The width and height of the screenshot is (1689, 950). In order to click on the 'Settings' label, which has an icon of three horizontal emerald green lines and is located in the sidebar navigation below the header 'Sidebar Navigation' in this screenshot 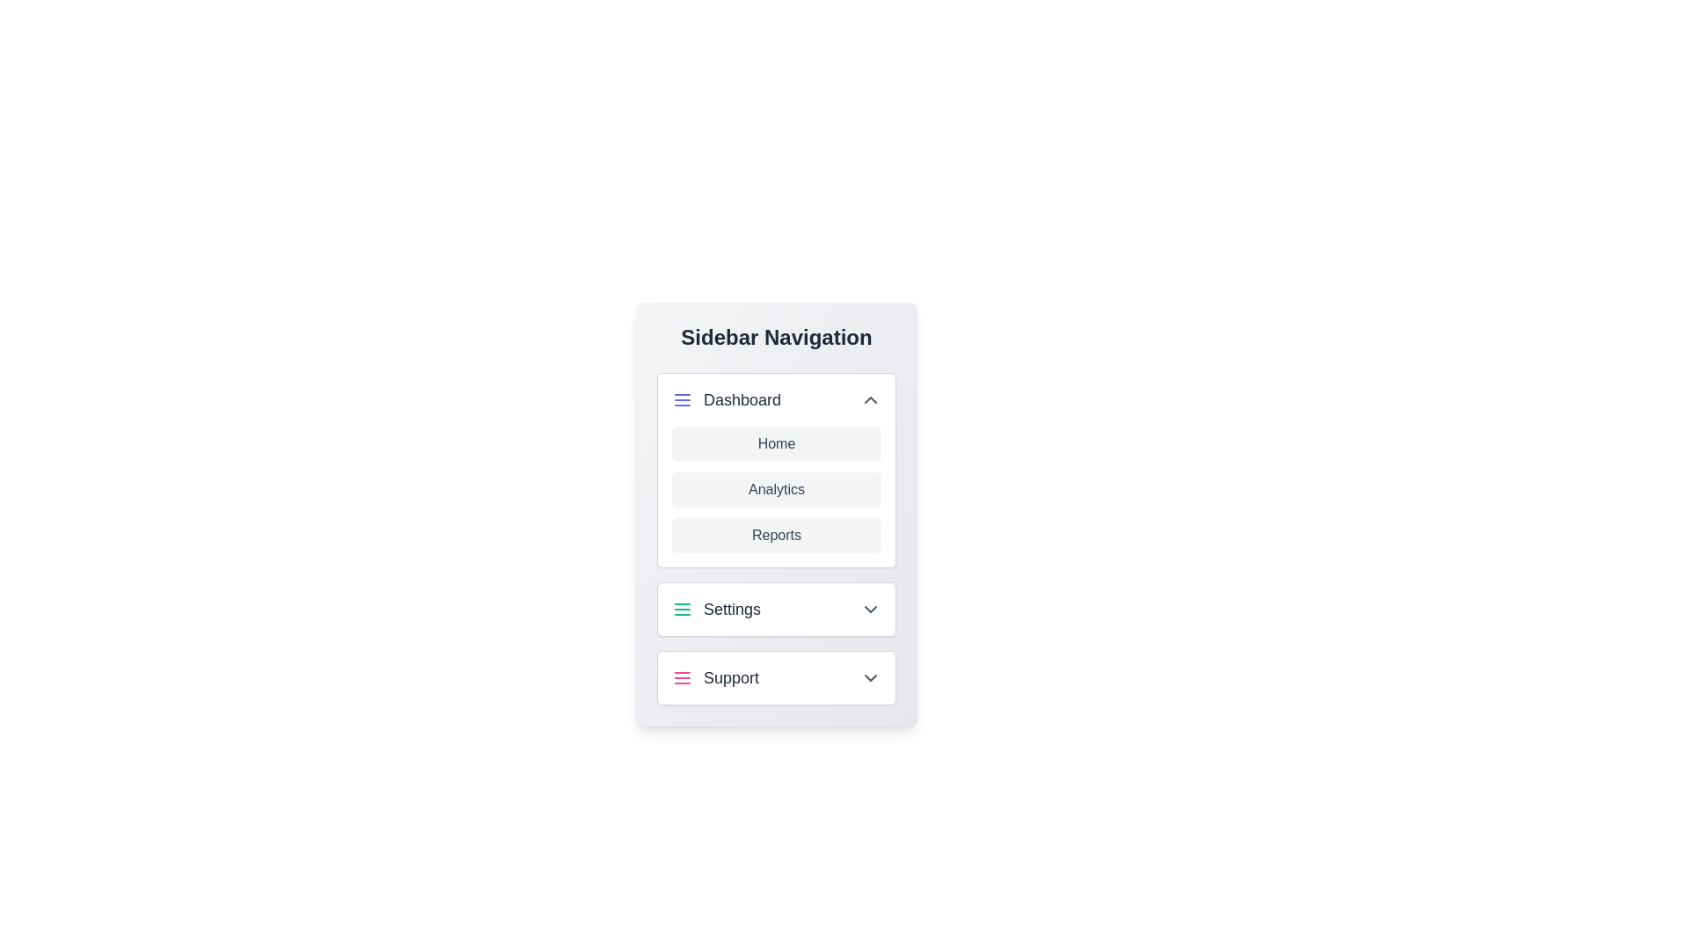, I will do `click(716, 609)`.